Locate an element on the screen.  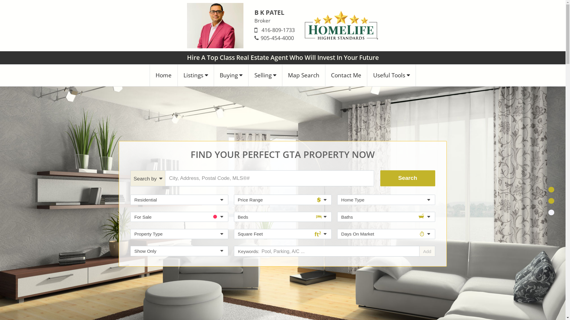
'Add' is located at coordinates (427, 251).